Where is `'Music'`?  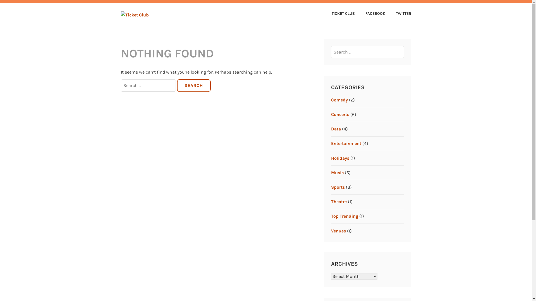 'Music' is located at coordinates (337, 172).